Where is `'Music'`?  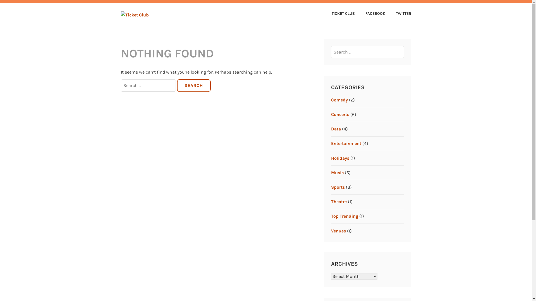 'Music' is located at coordinates (337, 172).